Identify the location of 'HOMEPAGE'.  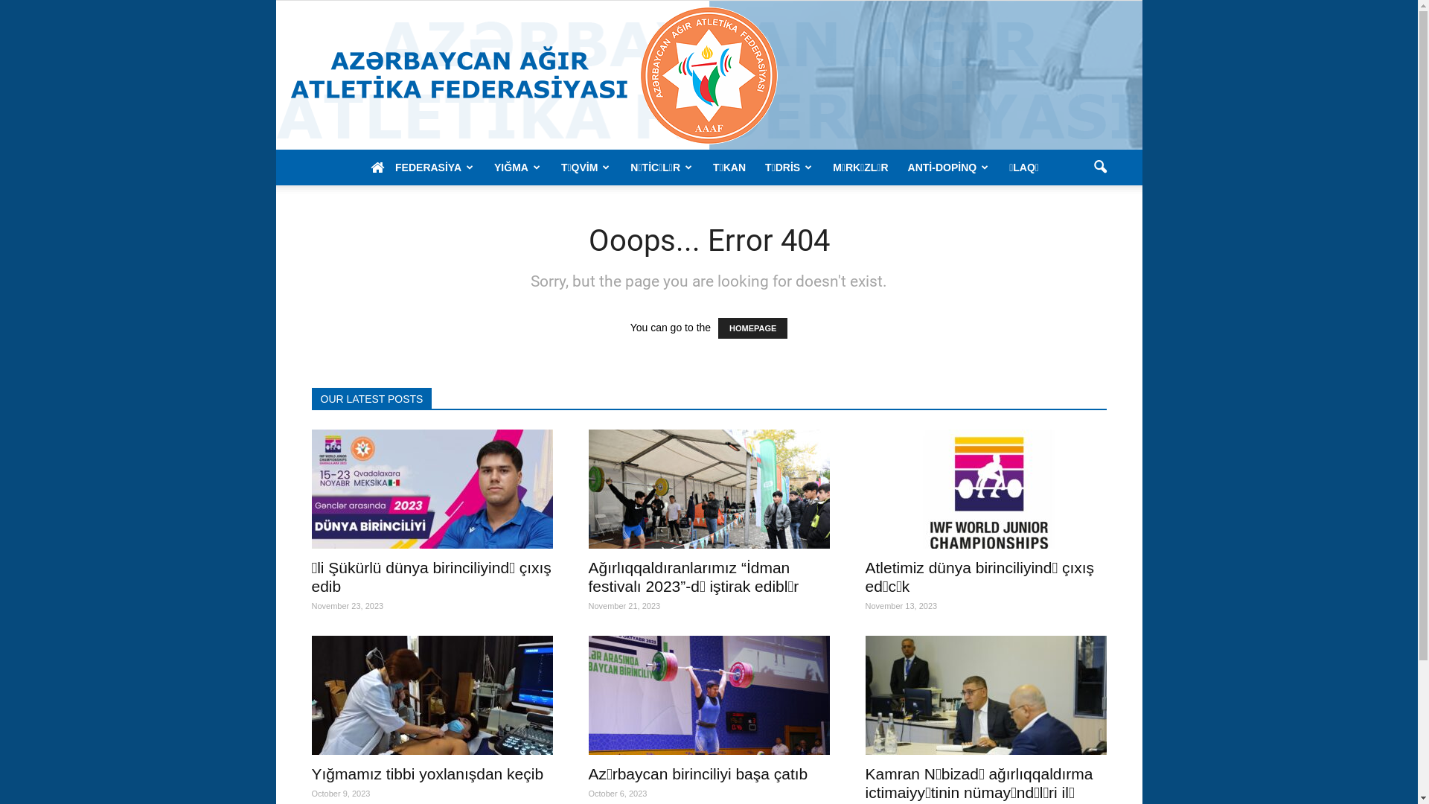
(752, 327).